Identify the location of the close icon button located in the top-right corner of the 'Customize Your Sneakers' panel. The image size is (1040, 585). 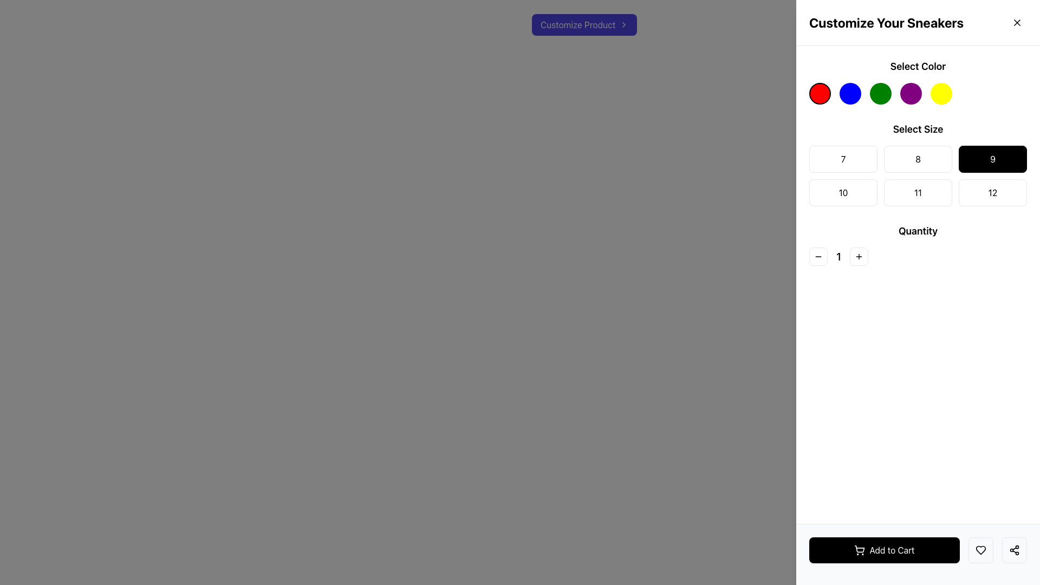
(1016, 23).